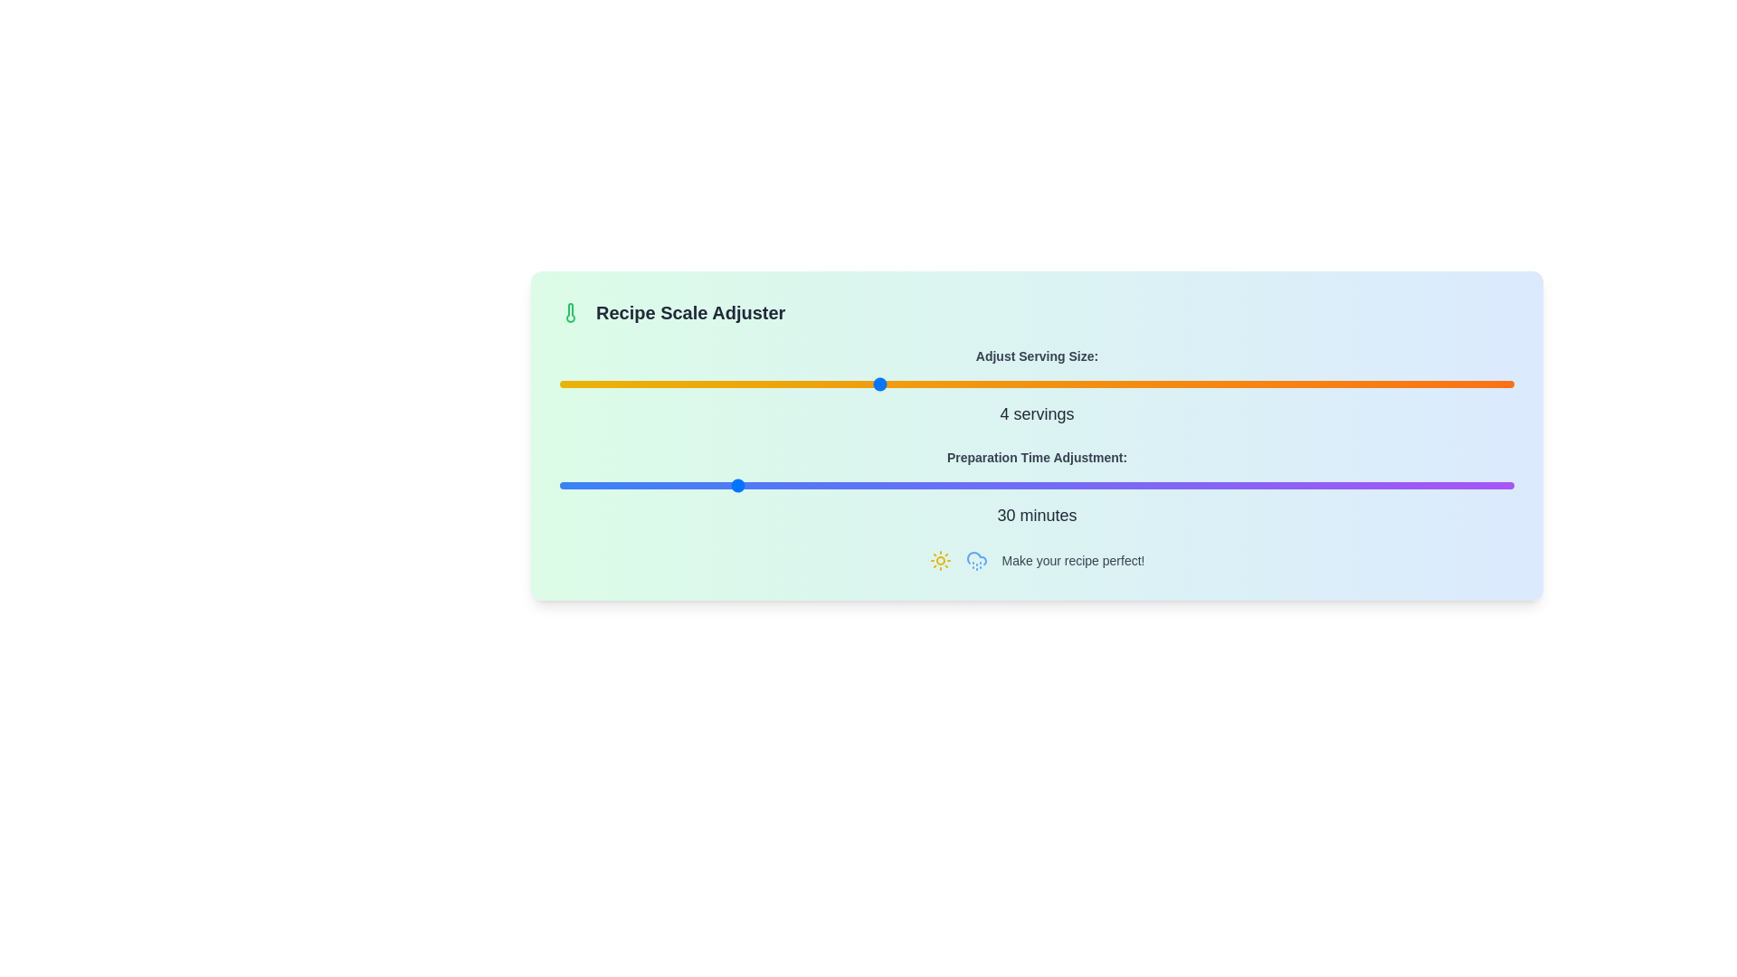 Image resolution: width=1737 pixels, height=977 pixels. What do you see at coordinates (975, 560) in the screenshot?
I see `the rainy weather icon located on the right side of the group of icons, adjacent to the sun icon, under the 'Make your recipe perfect!' text` at bounding box center [975, 560].